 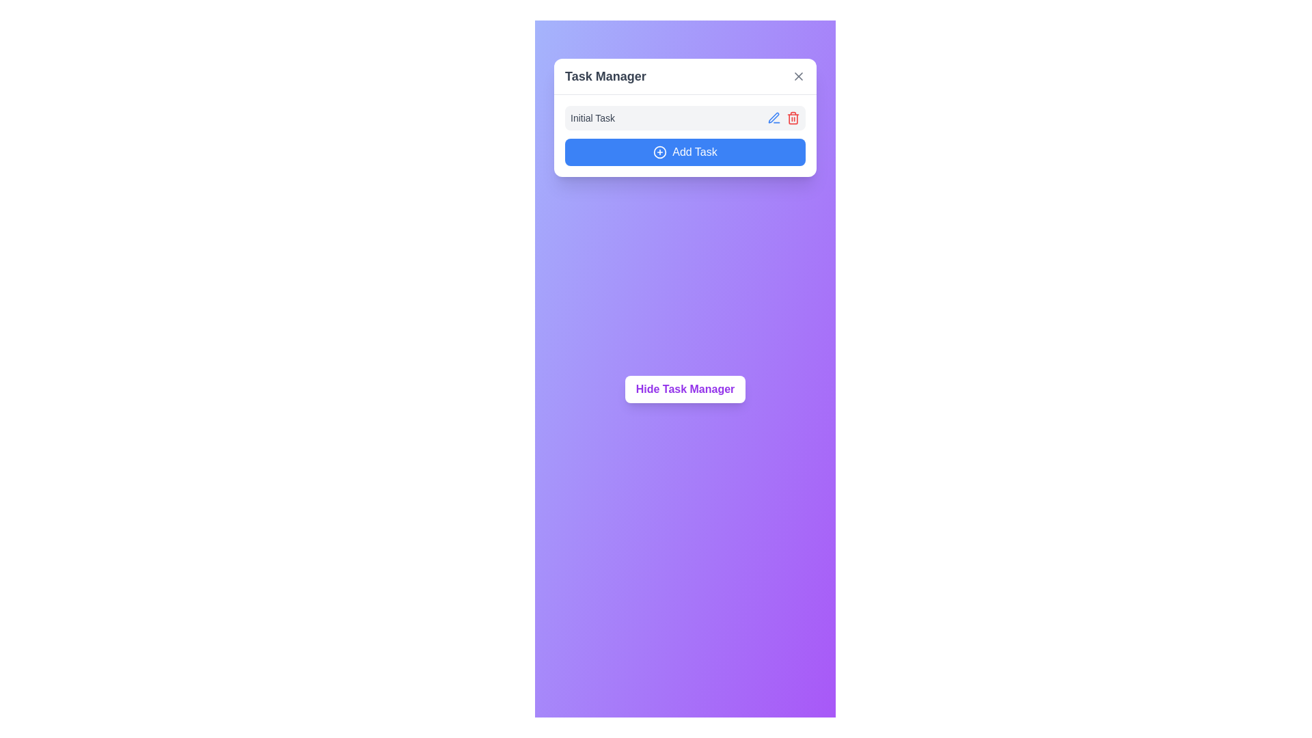 What do you see at coordinates (799, 76) in the screenshot?
I see `the small gray 'X' icon in the upper-right corner of the 'Task Manager' header to change its color to red` at bounding box center [799, 76].